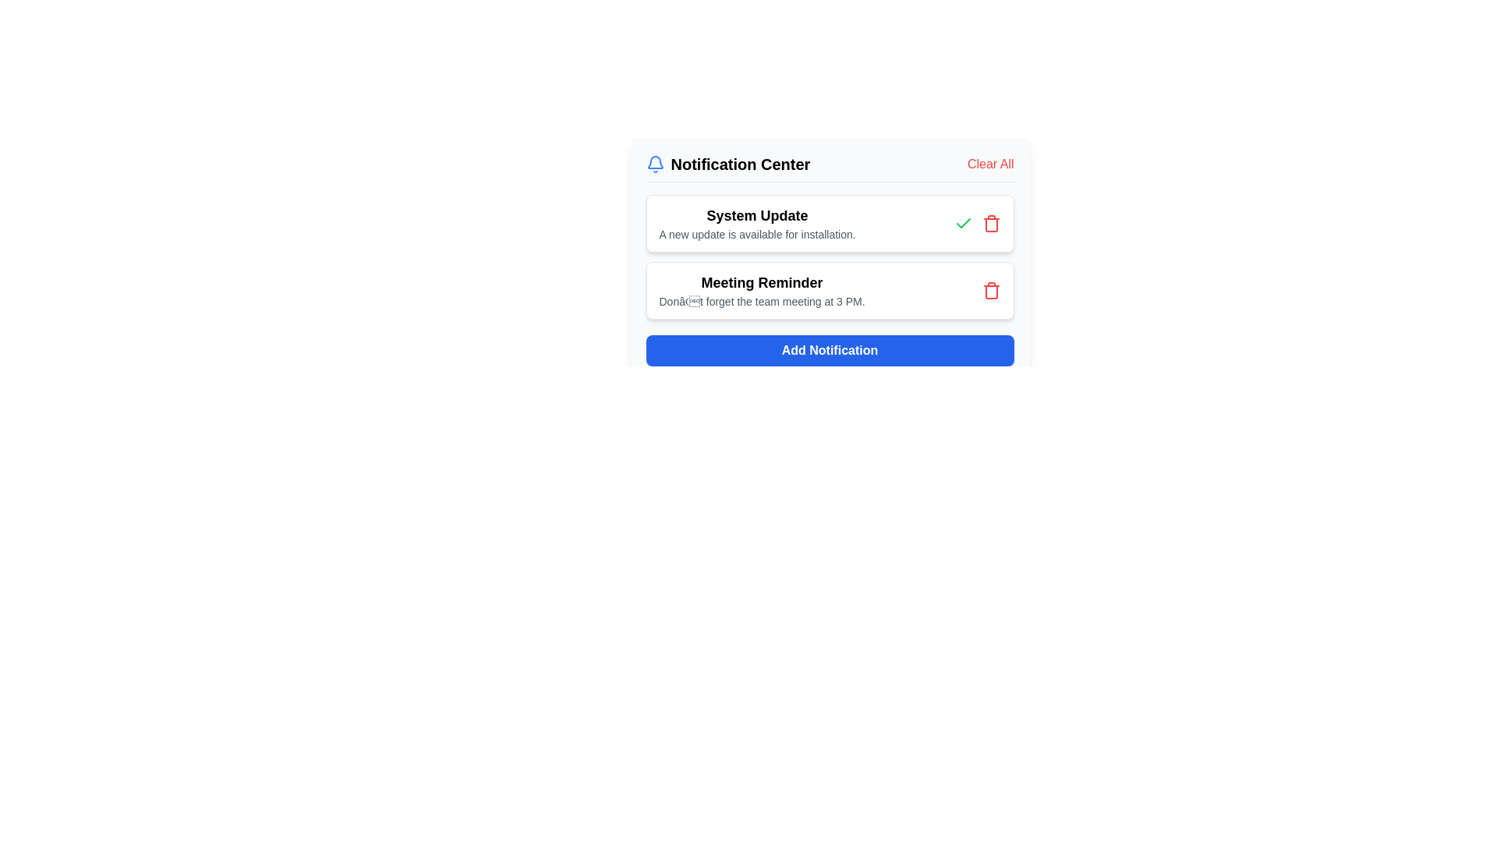 This screenshot has width=1497, height=842. What do you see at coordinates (757, 216) in the screenshot?
I see `the bold text label reading 'System Update' located in the Notification Center, which serves as a title for a notification` at bounding box center [757, 216].